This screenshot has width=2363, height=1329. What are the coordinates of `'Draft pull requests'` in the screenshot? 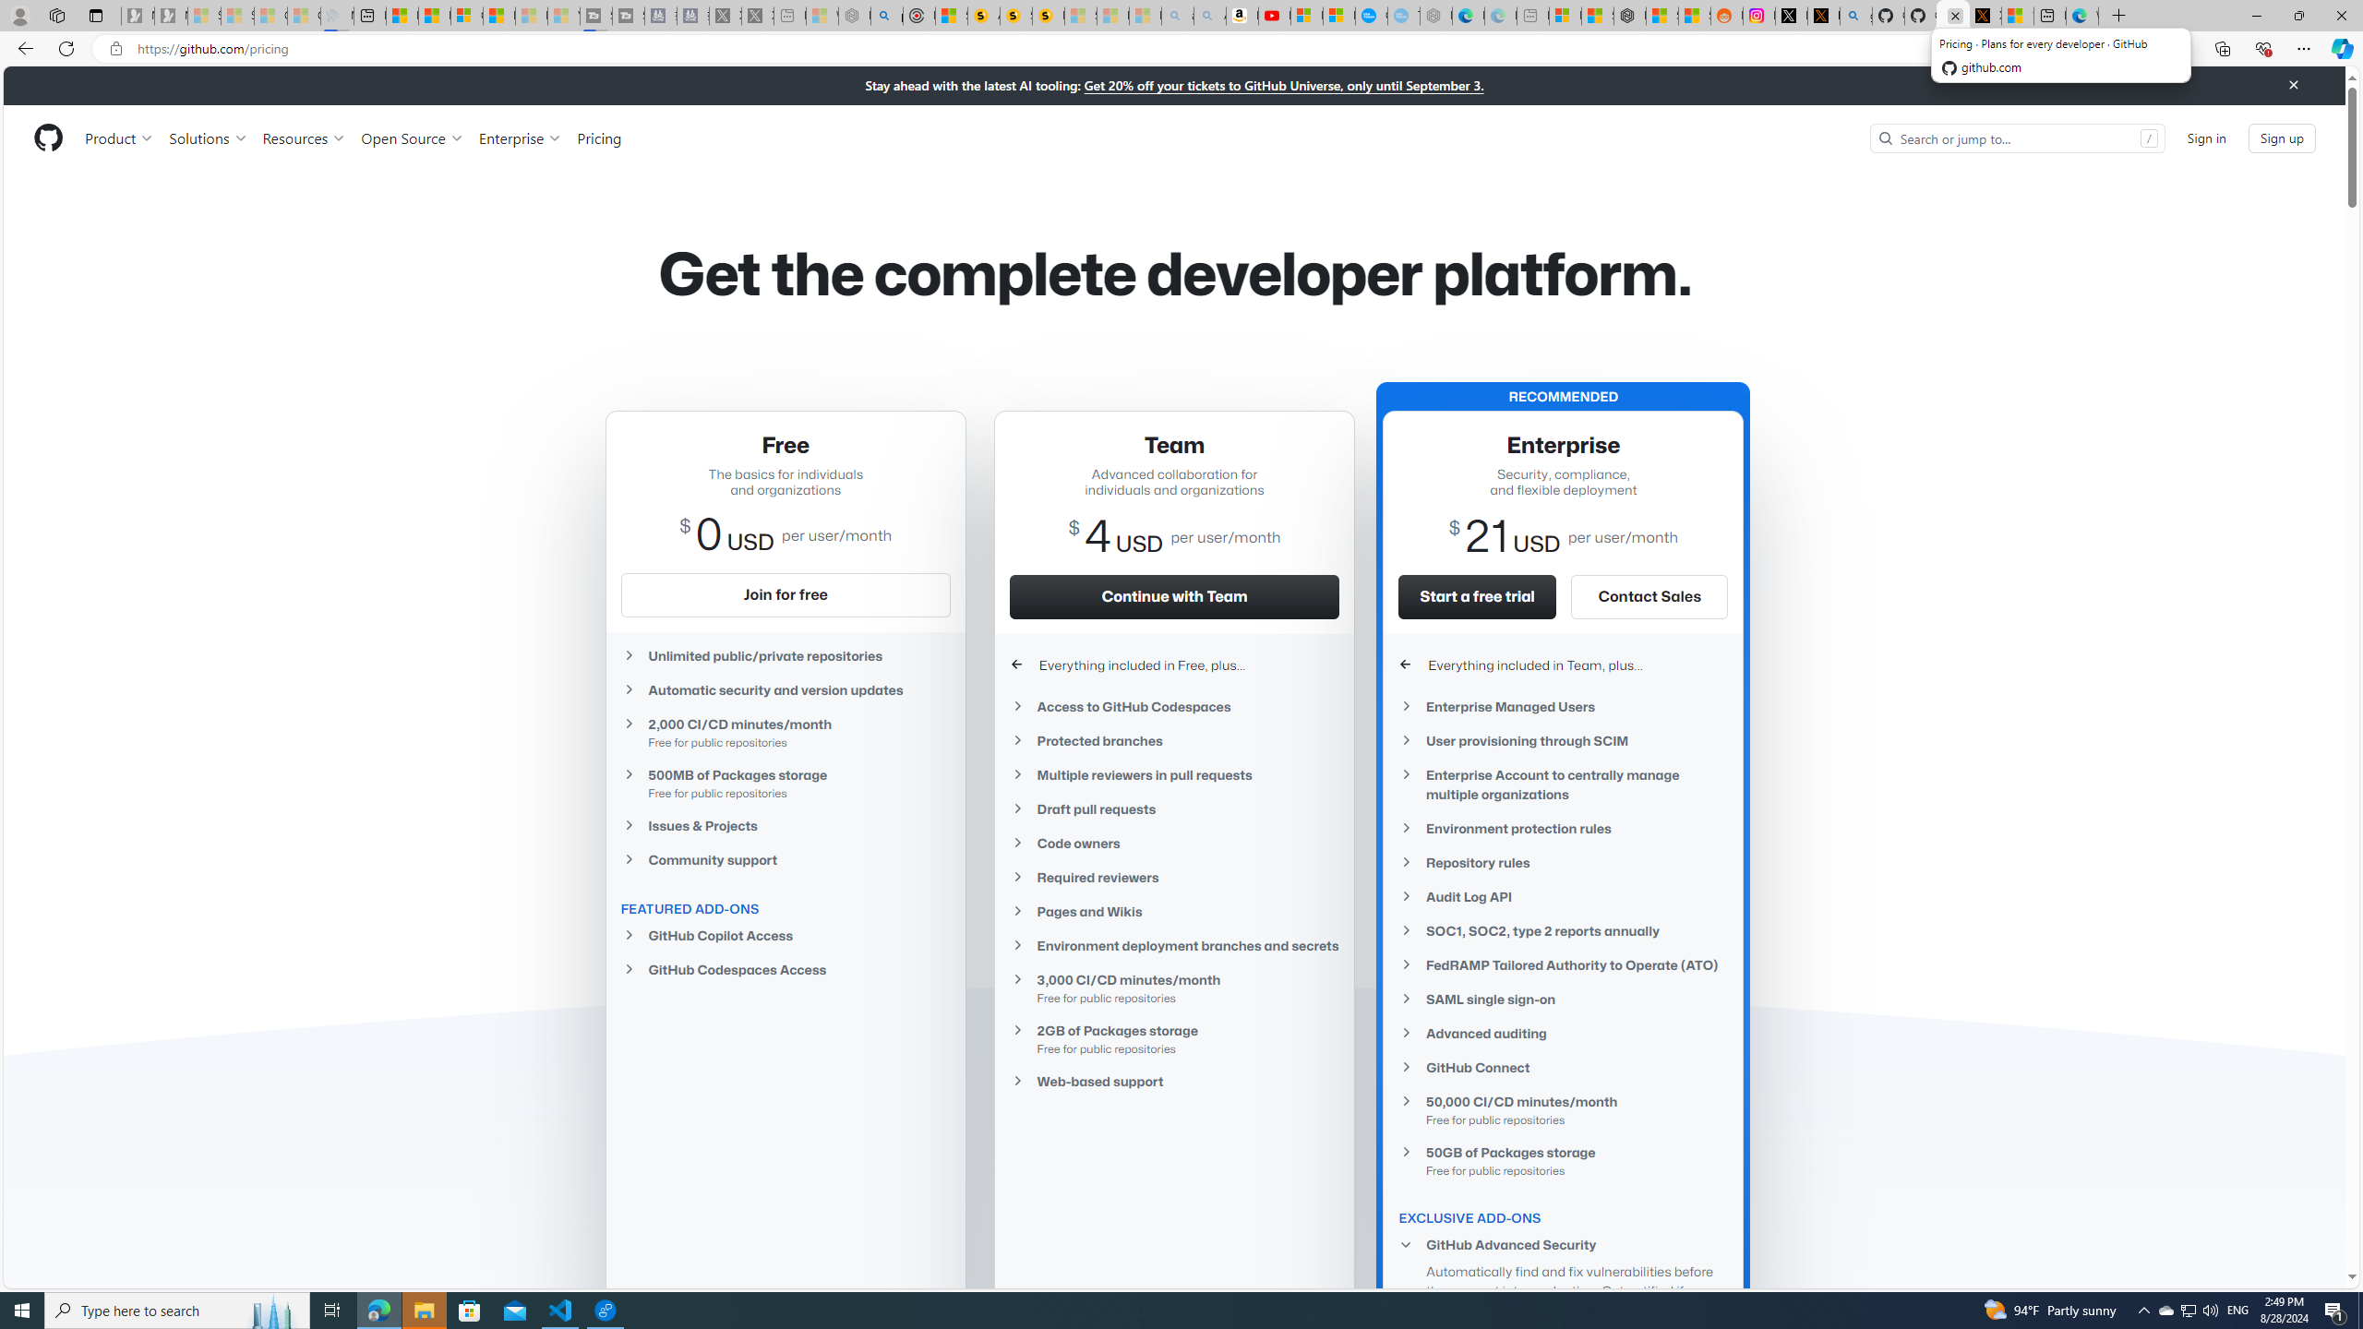 It's located at (1173, 808).